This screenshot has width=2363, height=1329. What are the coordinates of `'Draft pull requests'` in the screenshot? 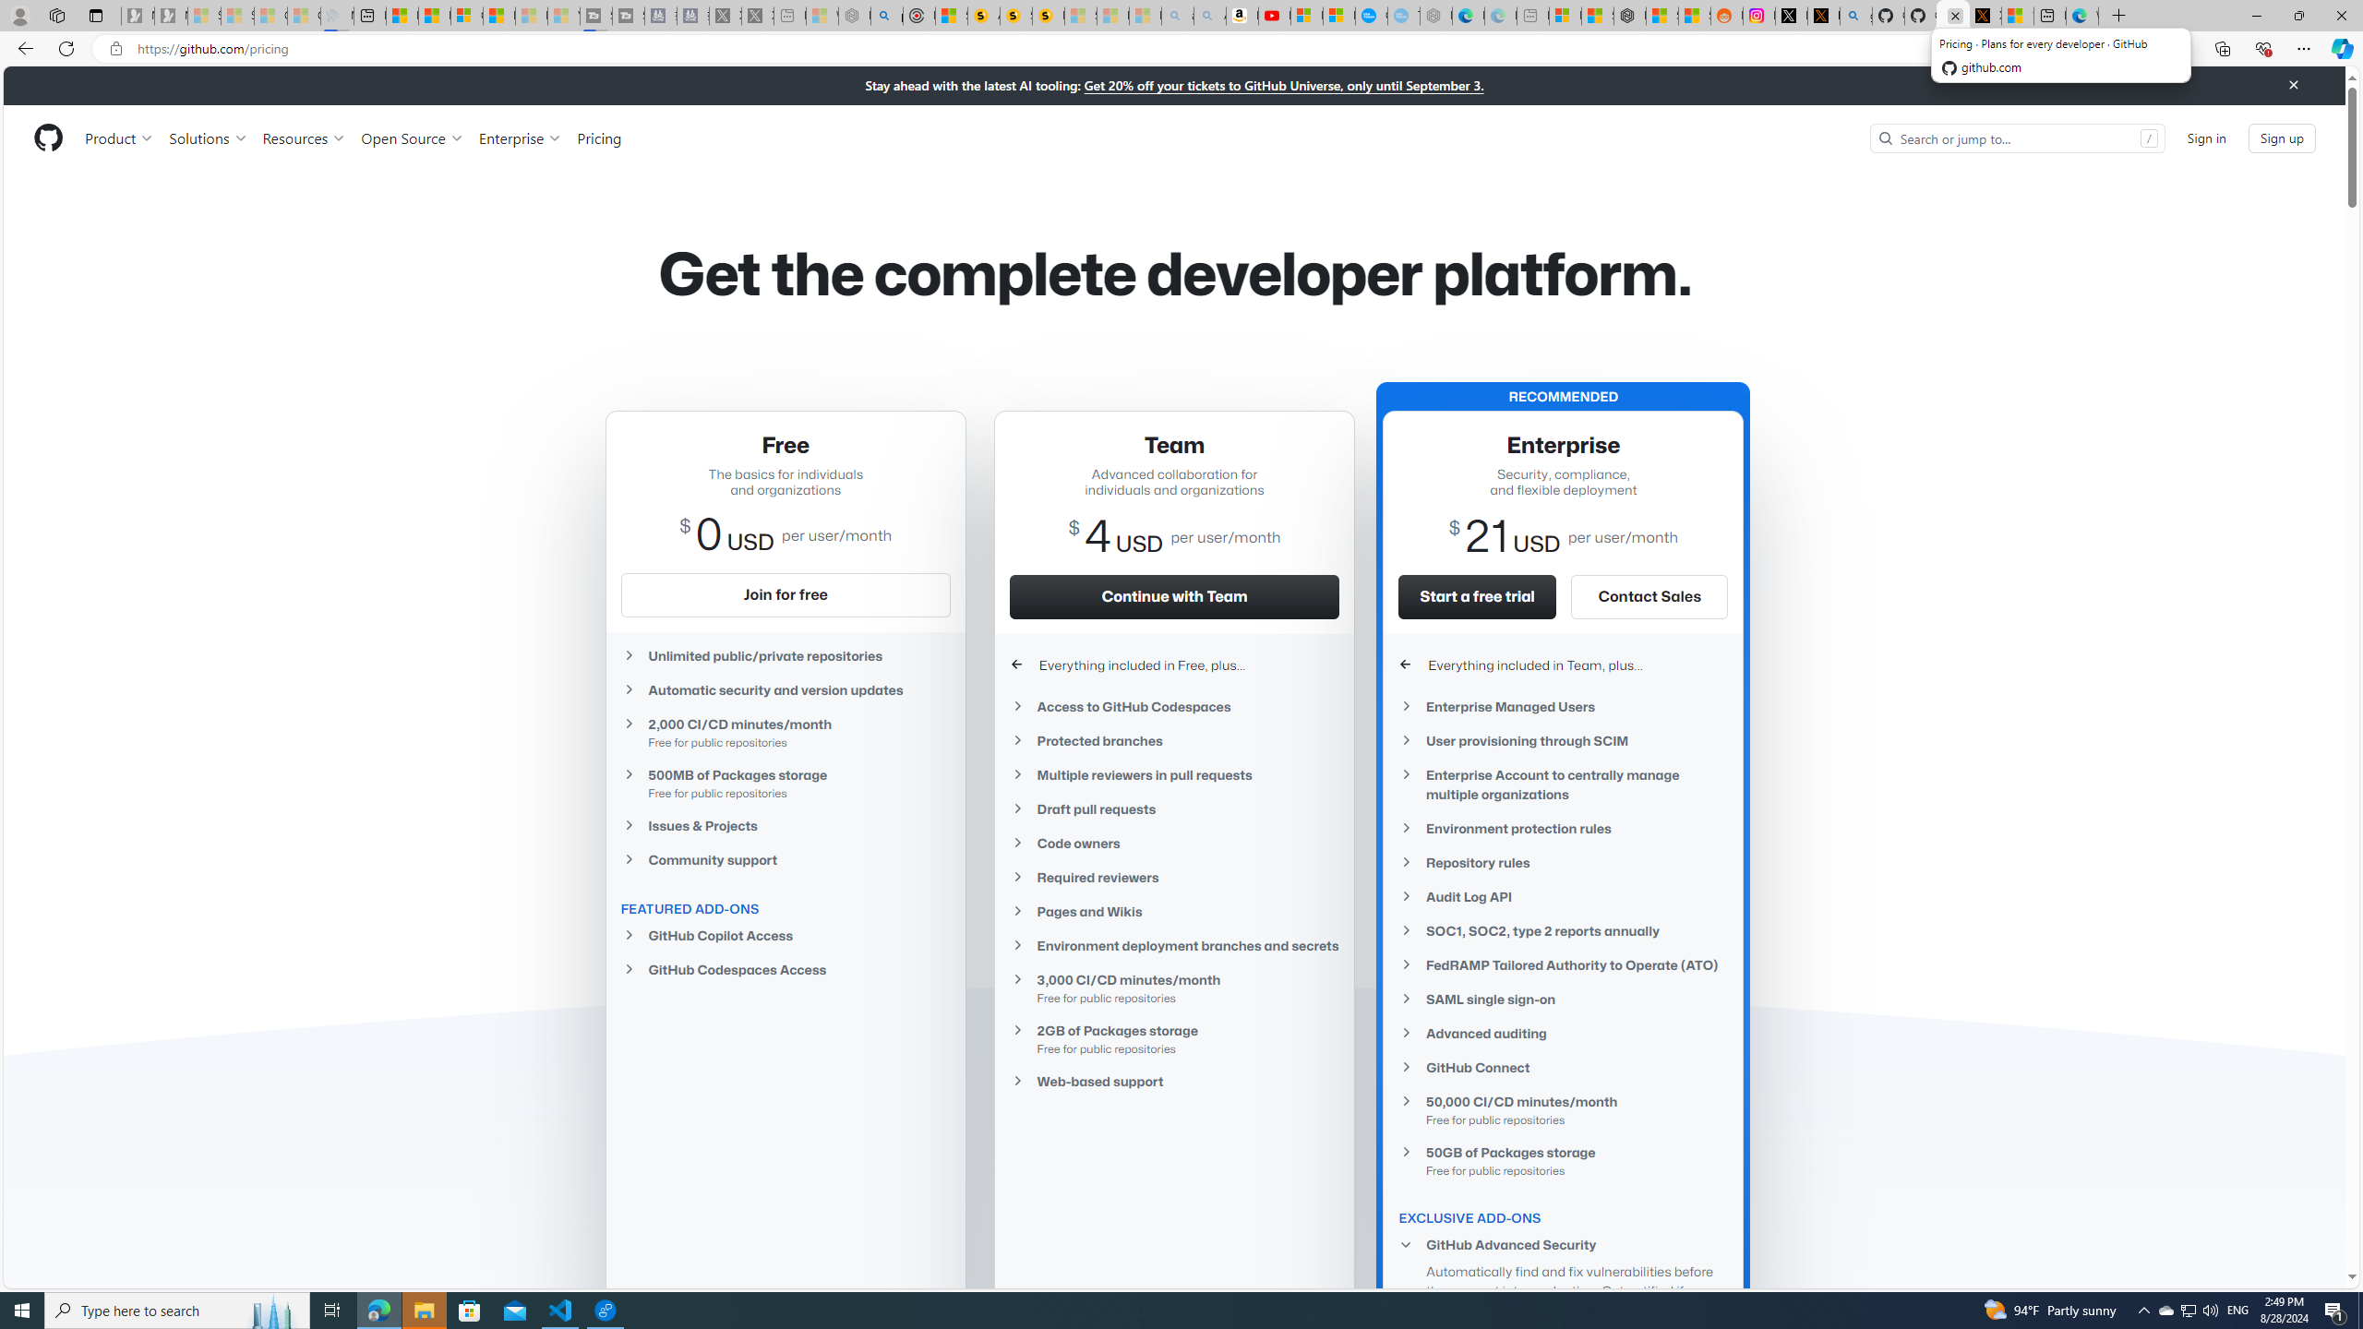 It's located at (1173, 808).